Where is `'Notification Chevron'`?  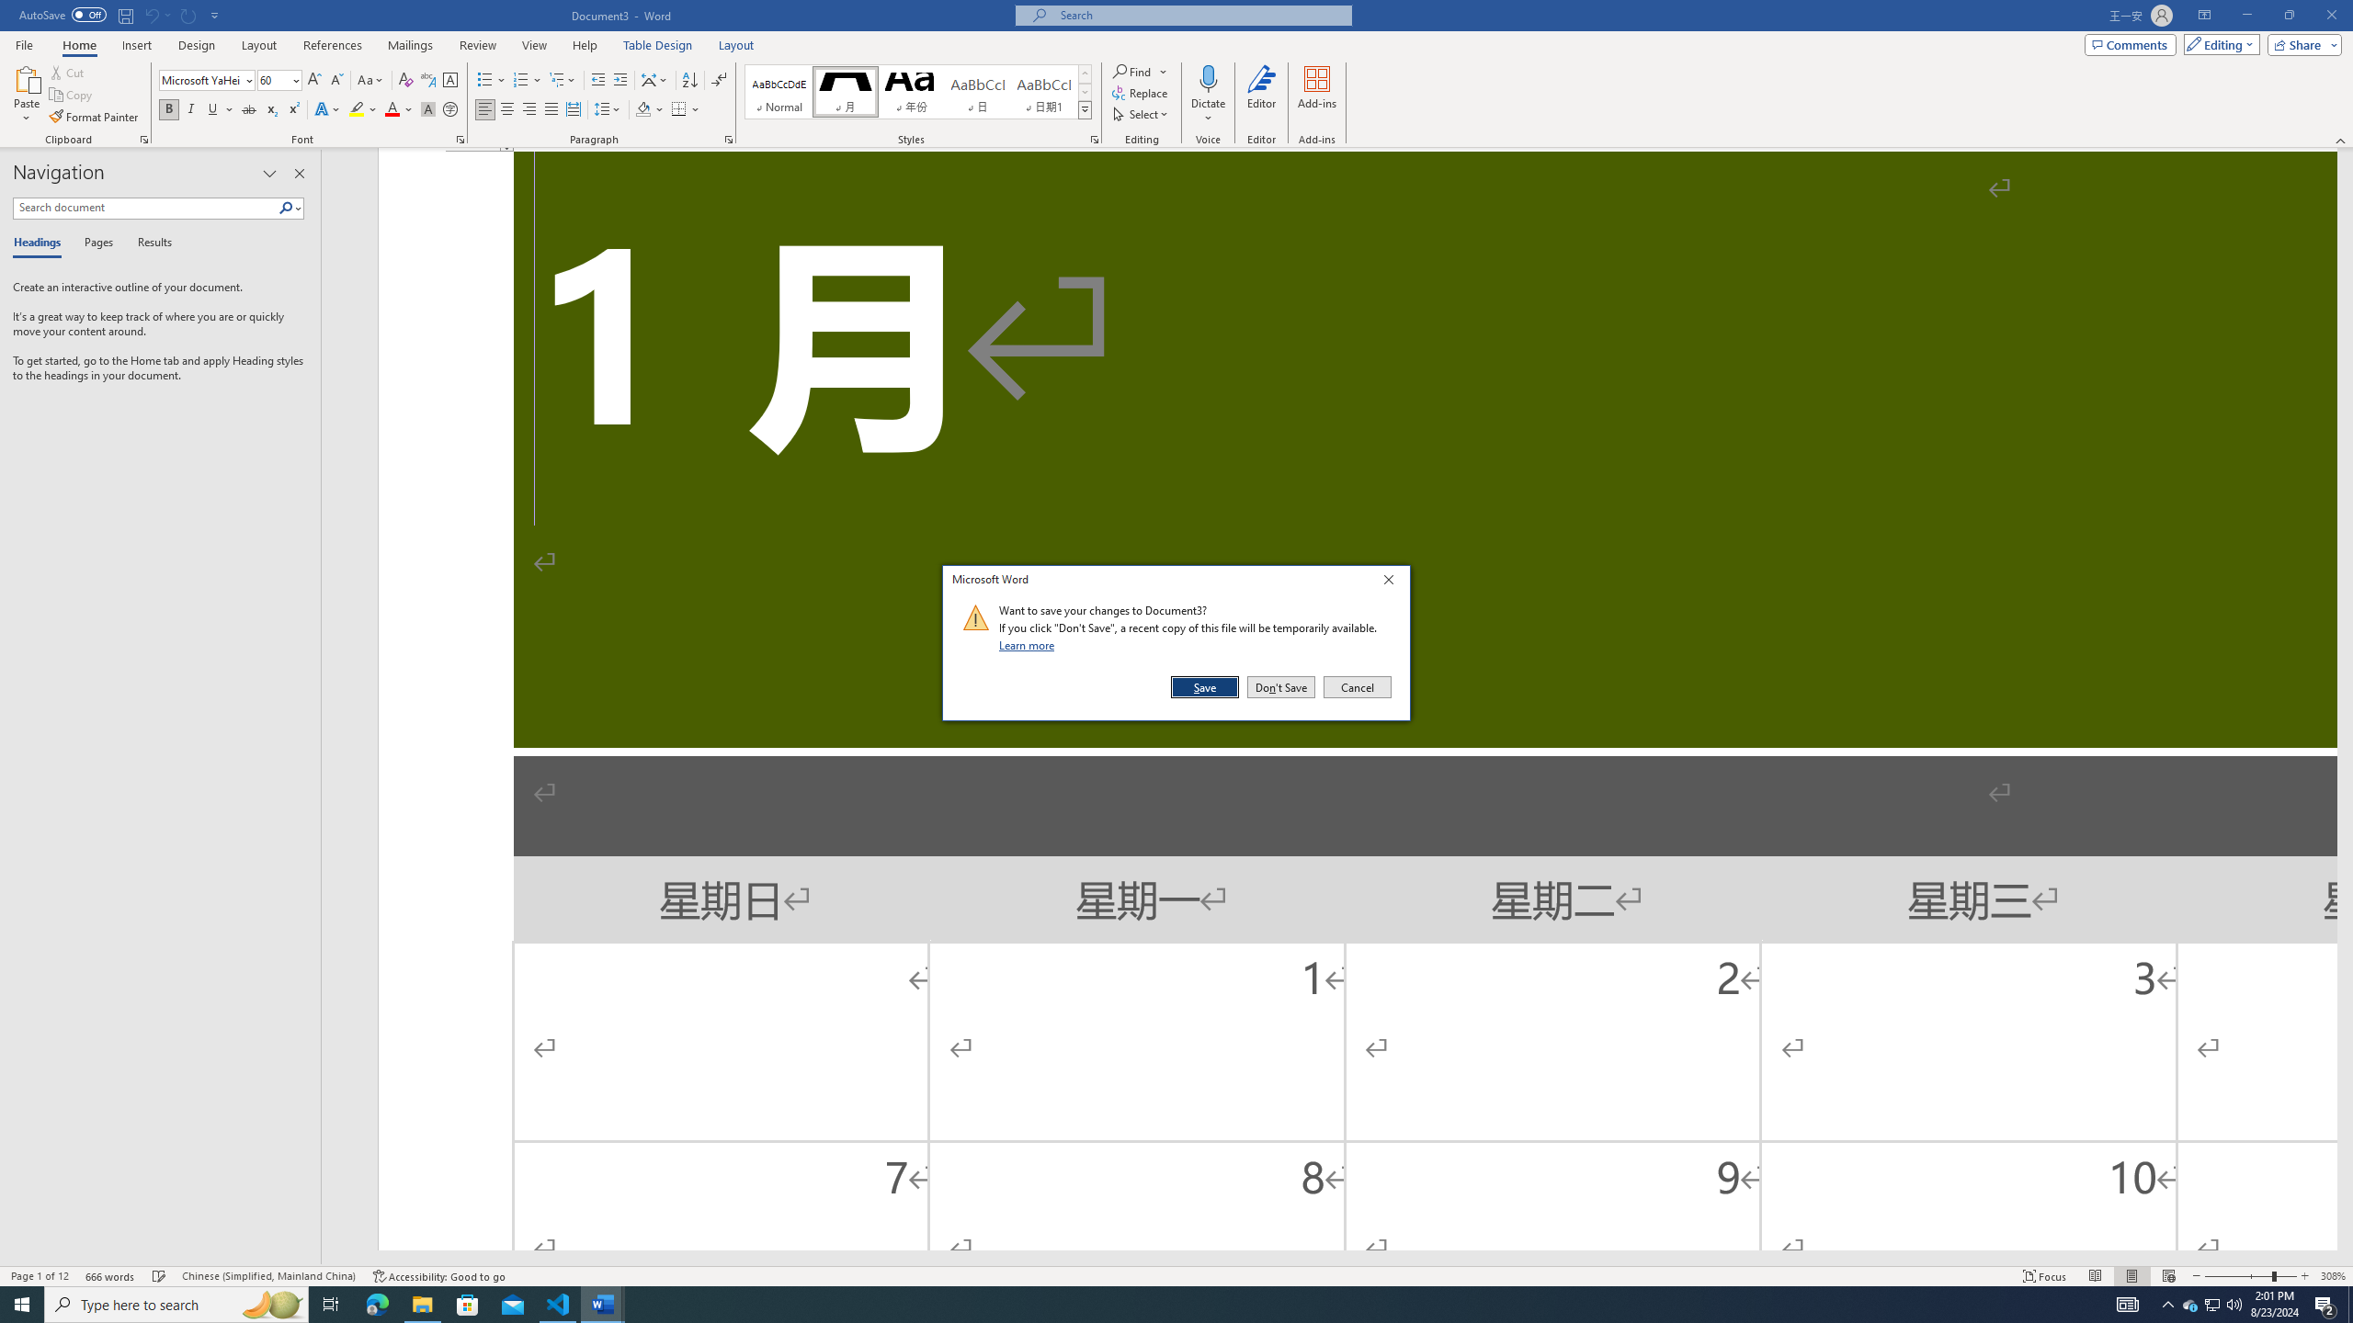 'Notification Chevron' is located at coordinates (2168, 1303).